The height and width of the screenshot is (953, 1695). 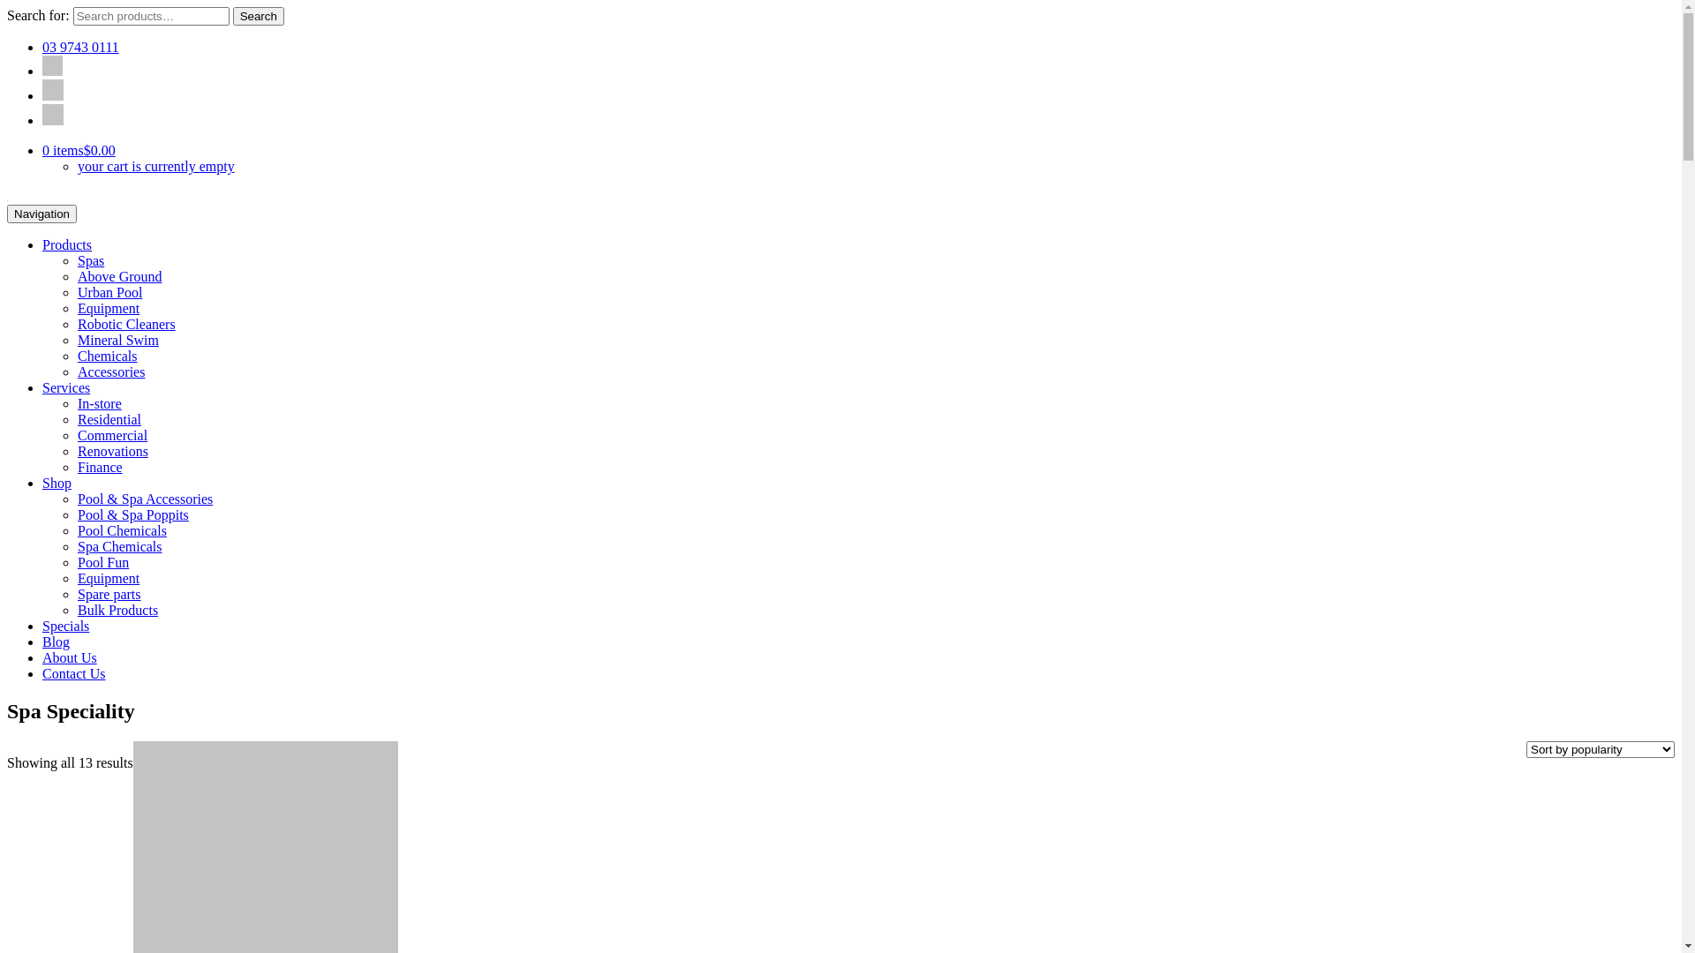 I want to click on 'Blog', so click(x=56, y=642).